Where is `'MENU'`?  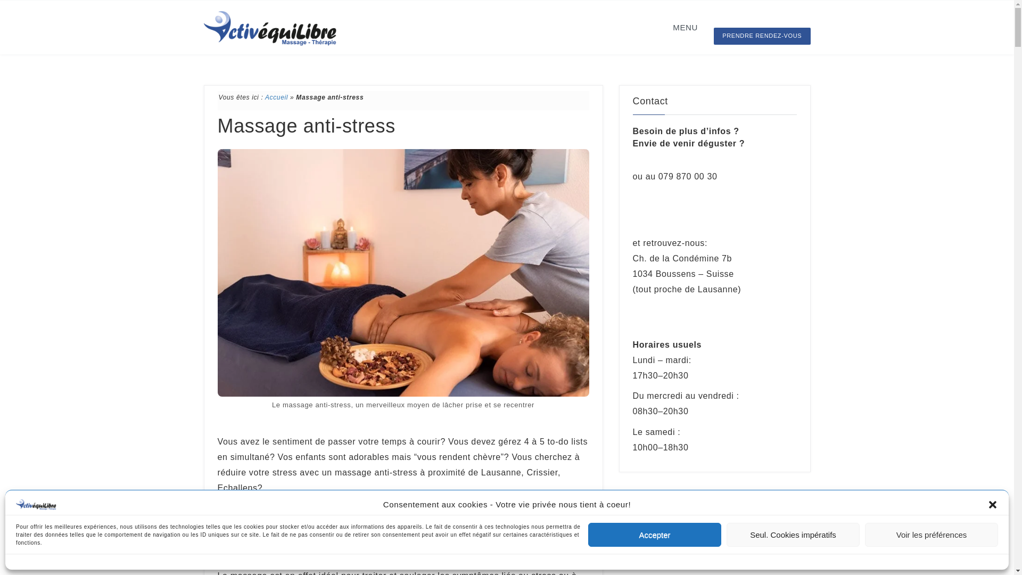
'MENU' is located at coordinates (663, 27).